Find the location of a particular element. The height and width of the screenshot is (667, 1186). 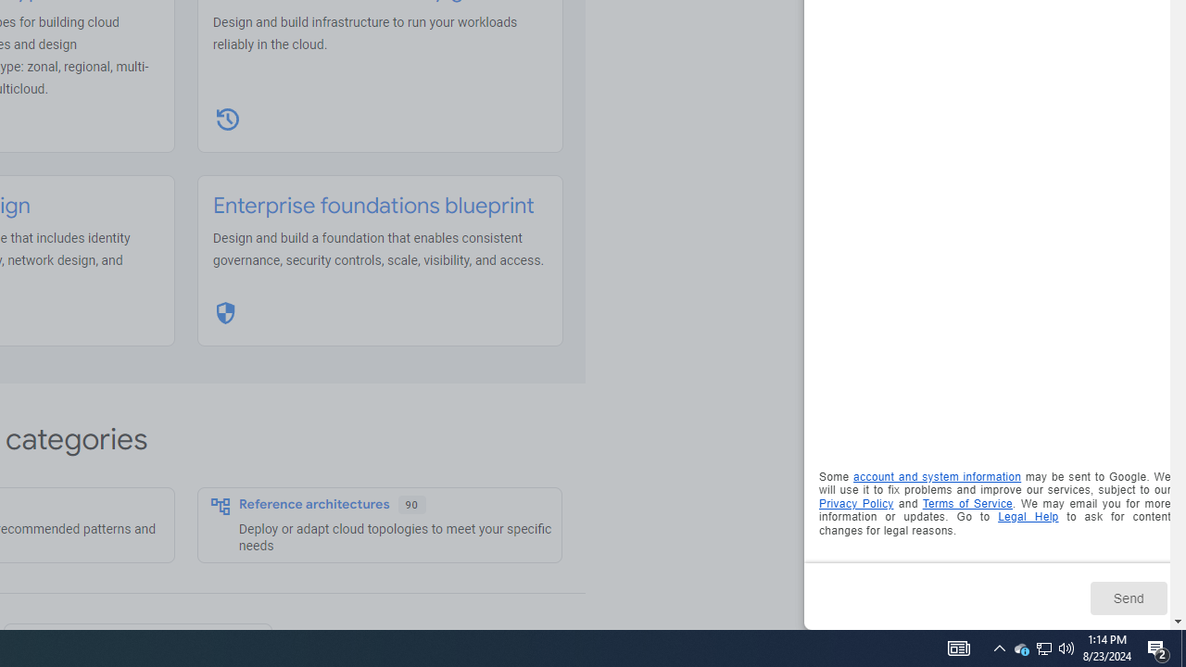

'Opens in a new tab. Terms of Service' is located at coordinates (966, 503).